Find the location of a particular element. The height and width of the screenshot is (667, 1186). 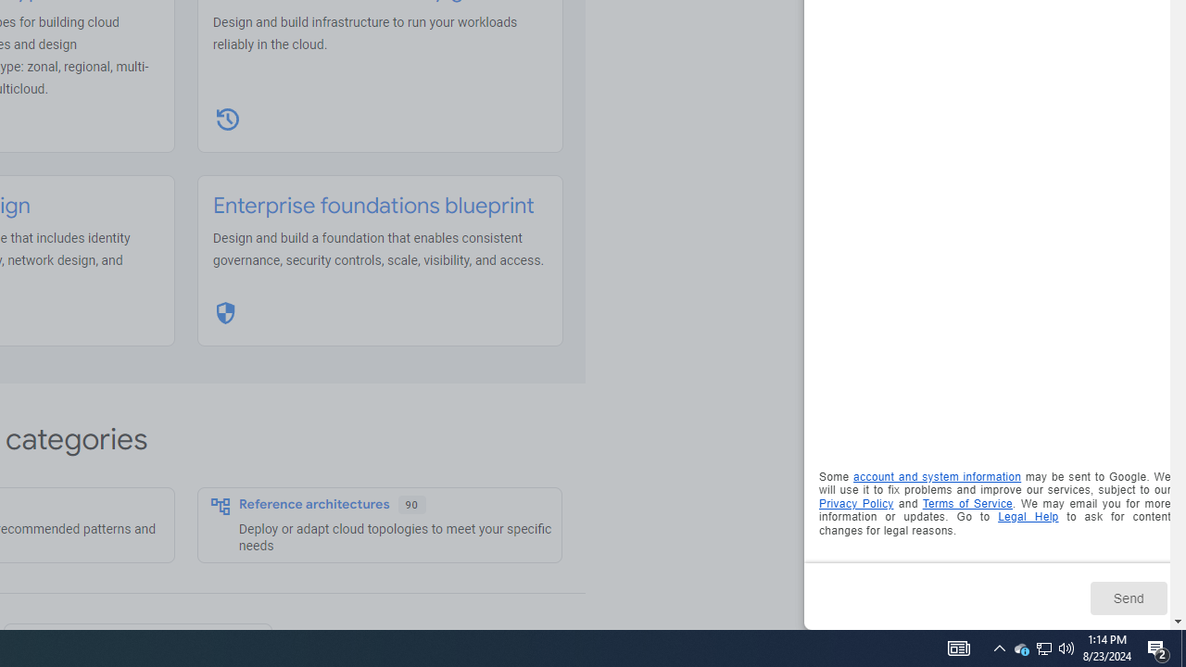

'Opens in a new tab. Terms of Service' is located at coordinates (966, 503).